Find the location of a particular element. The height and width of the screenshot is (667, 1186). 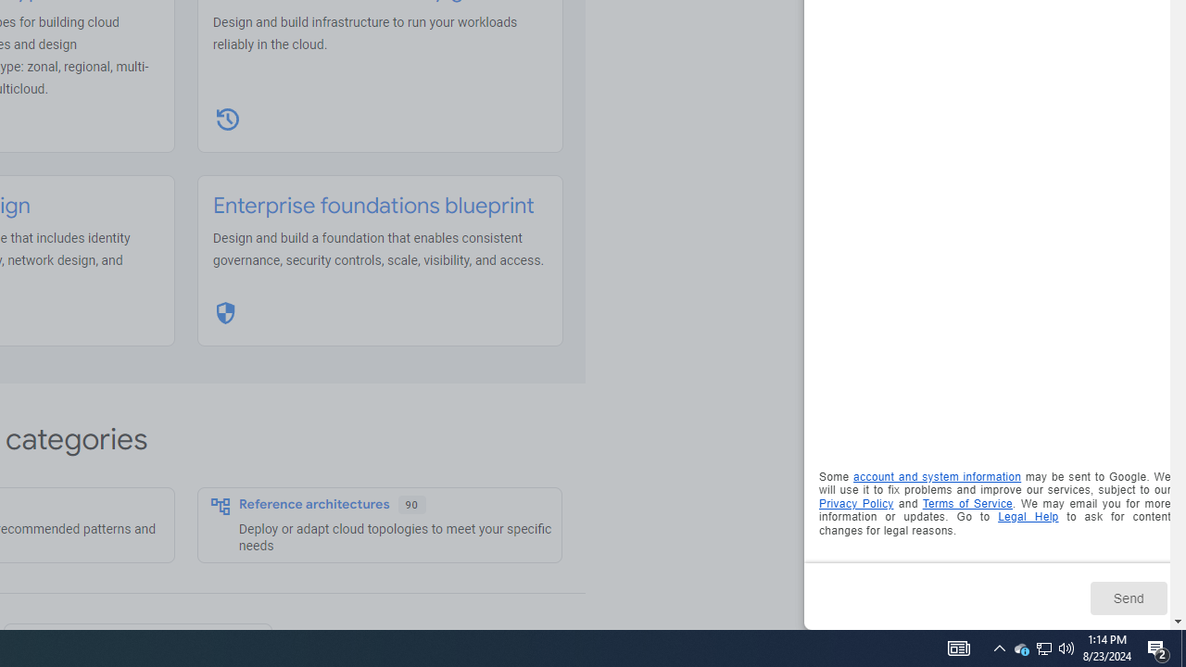

'Opens in a new tab. Terms of Service' is located at coordinates (966, 503).